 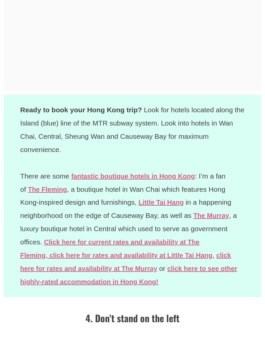 What do you see at coordinates (211, 215) in the screenshot?
I see `'The Murray'` at bounding box center [211, 215].